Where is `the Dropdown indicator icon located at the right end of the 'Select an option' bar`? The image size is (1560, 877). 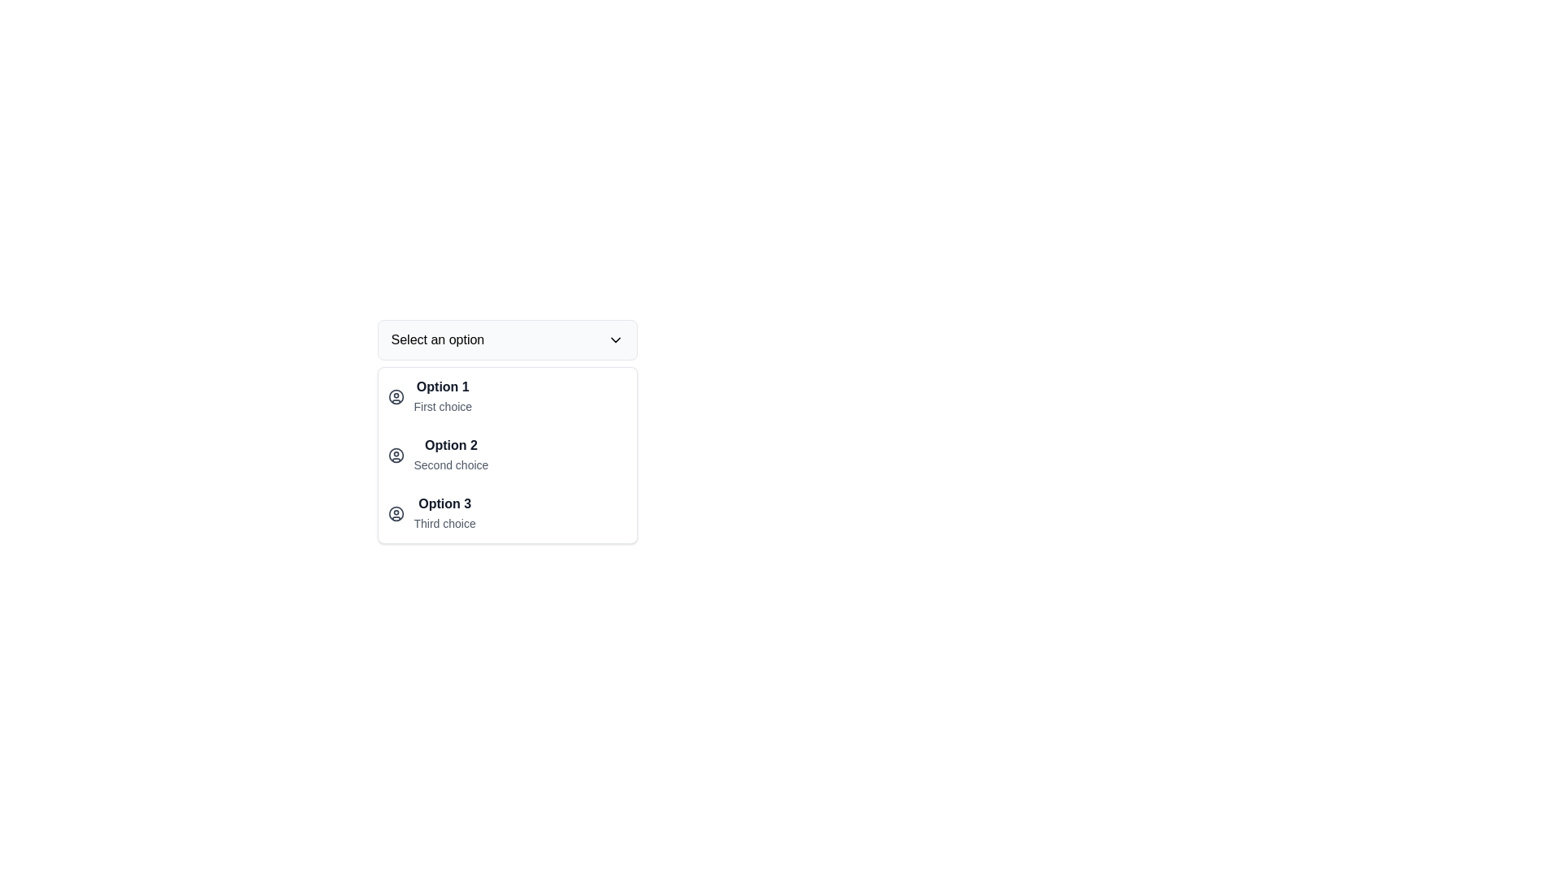
the Dropdown indicator icon located at the right end of the 'Select an option' bar is located at coordinates (614, 339).